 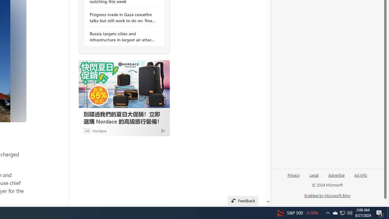 What do you see at coordinates (243, 200) in the screenshot?
I see `'Feedback'` at bounding box center [243, 200].